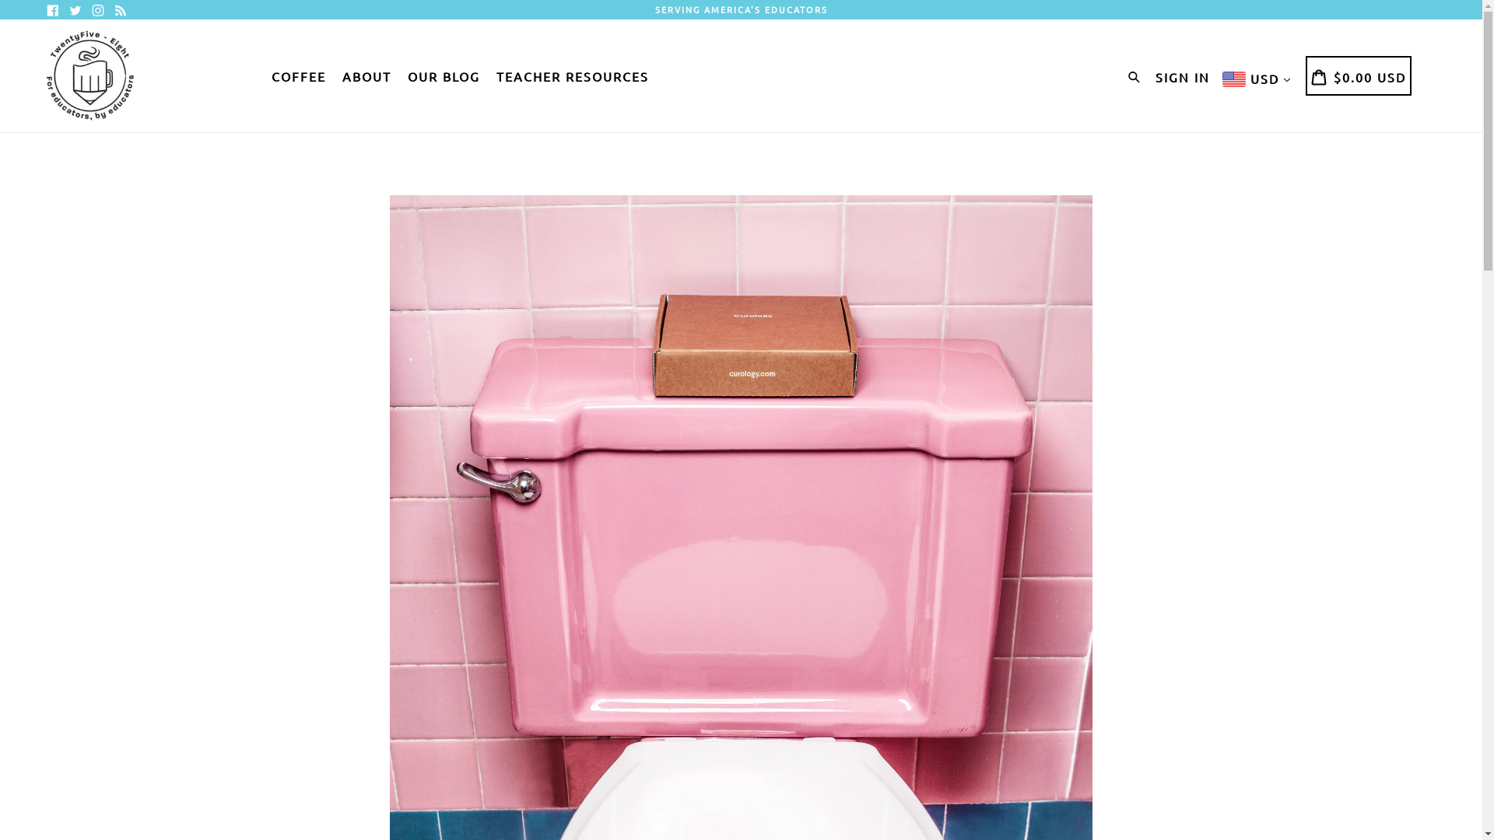 This screenshot has height=840, width=1494. I want to click on 'OUR BLOG', so click(443, 75).